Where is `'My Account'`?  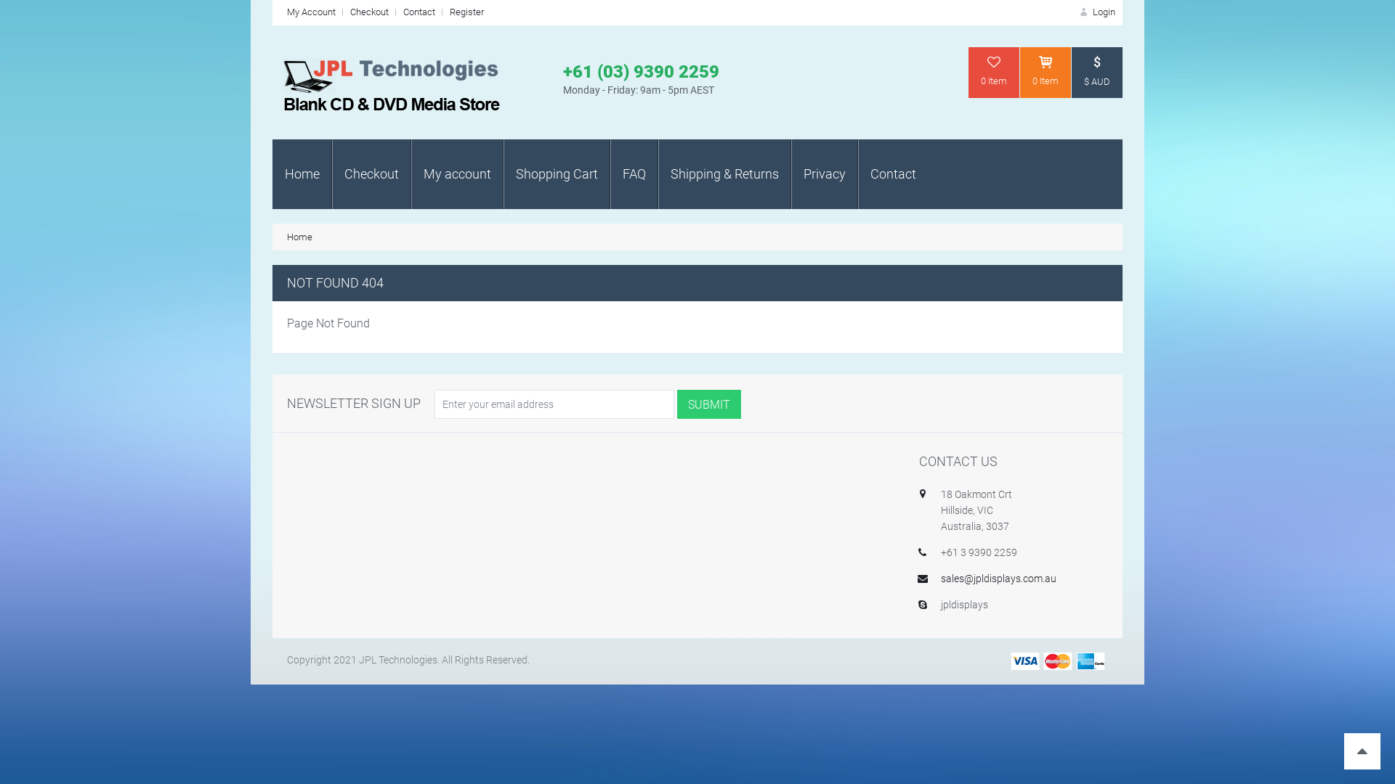 'My Account' is located at coordinates (310, 12).